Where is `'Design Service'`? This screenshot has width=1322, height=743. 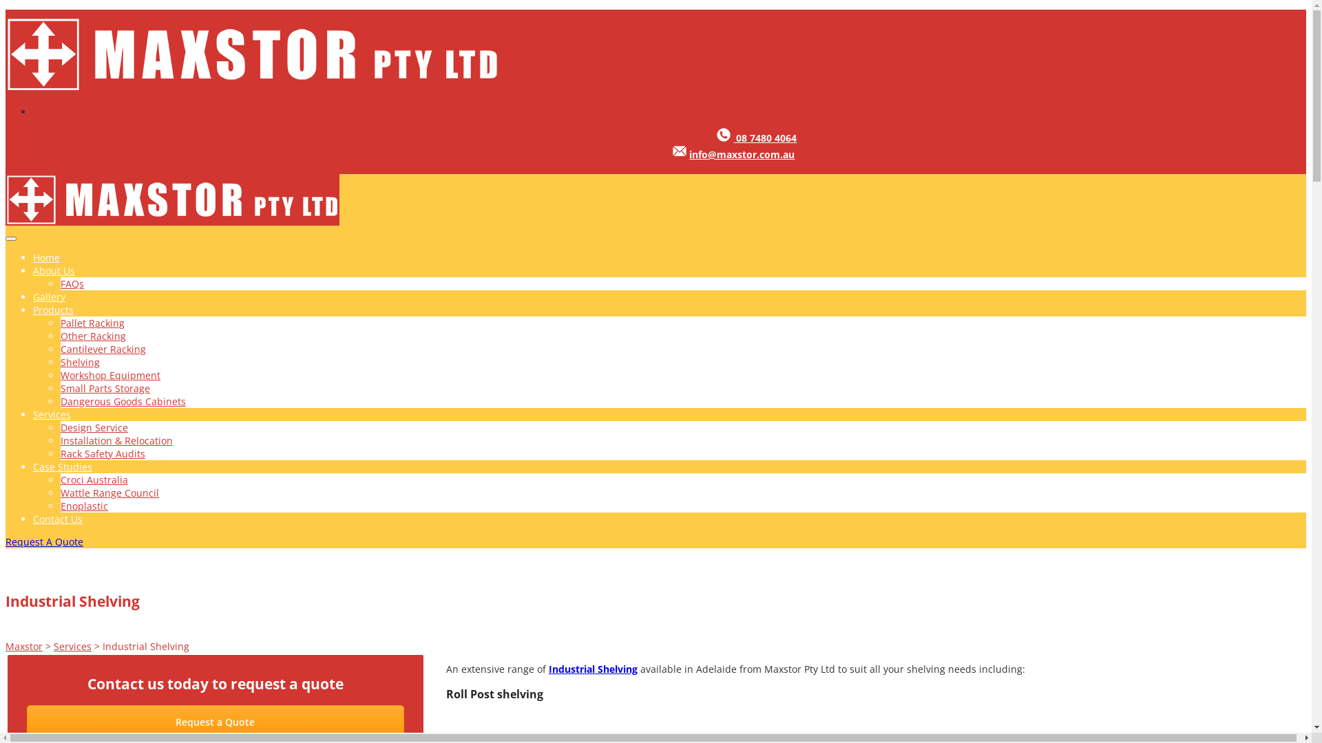 'Design Service' is located at coordinates (94, 427).